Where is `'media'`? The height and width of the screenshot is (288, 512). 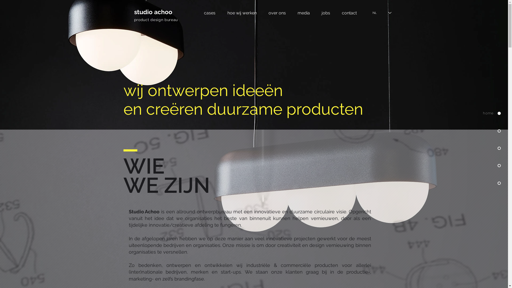
'media' is located at coordinates (303, 13).